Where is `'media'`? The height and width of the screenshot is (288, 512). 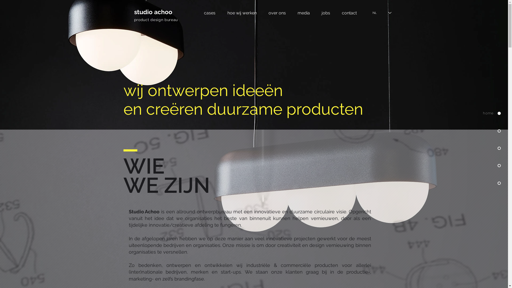
'media' is located at coordinates (303, 13).